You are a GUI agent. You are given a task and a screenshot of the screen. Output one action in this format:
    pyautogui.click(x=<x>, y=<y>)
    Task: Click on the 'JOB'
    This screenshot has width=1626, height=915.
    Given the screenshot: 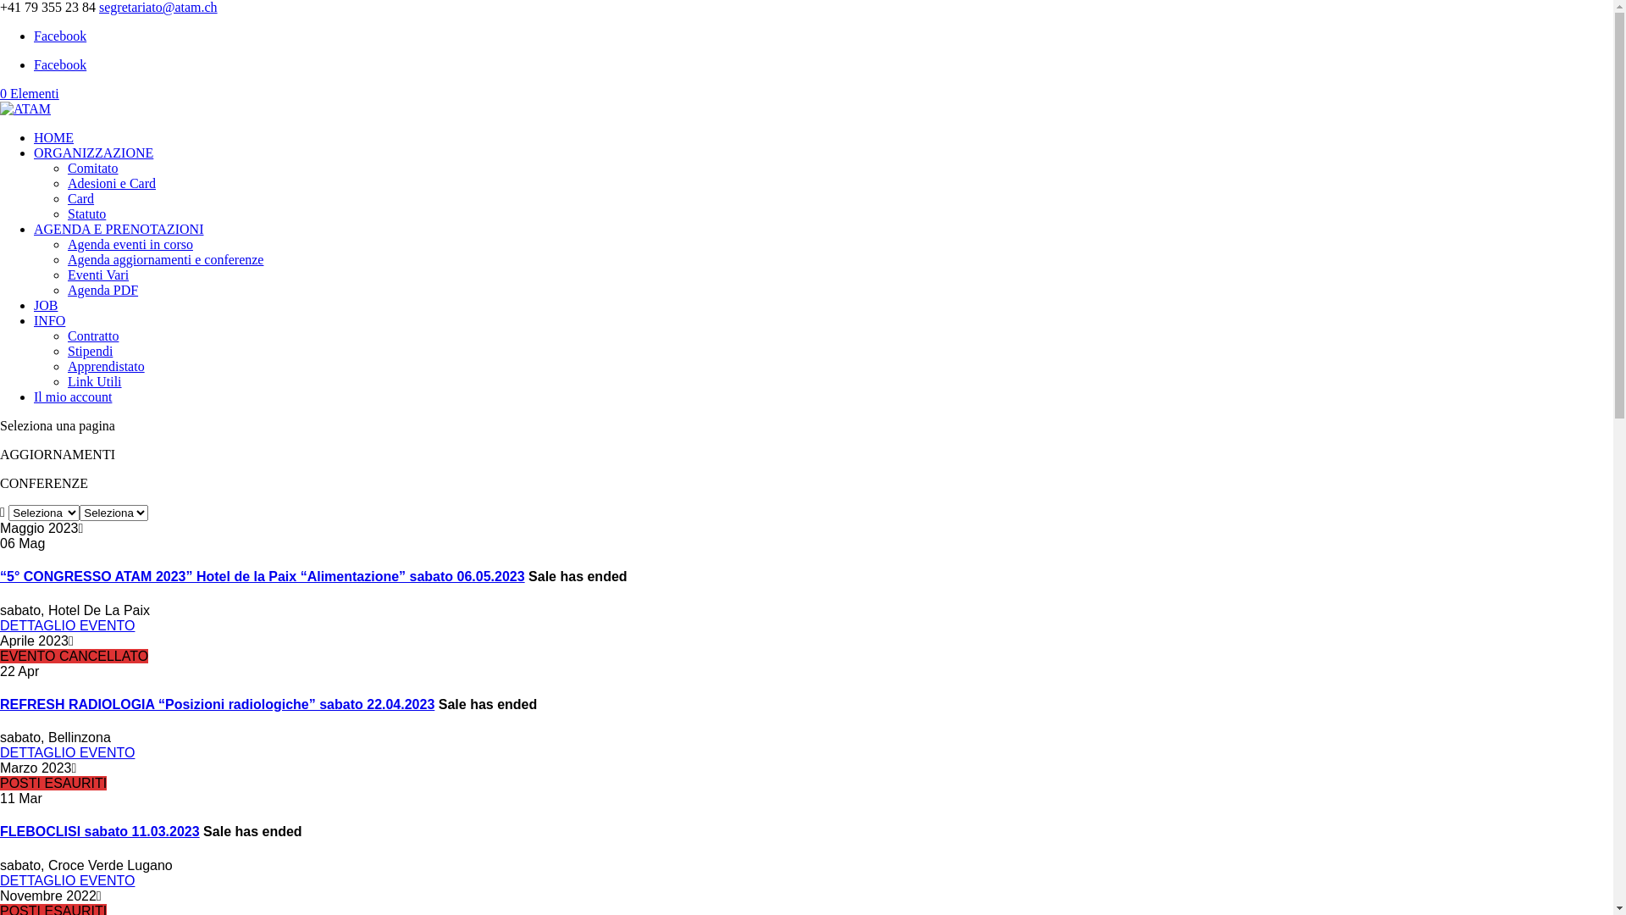 What is the action you would take?
    pyautogui.click(x=45, y=305)
    